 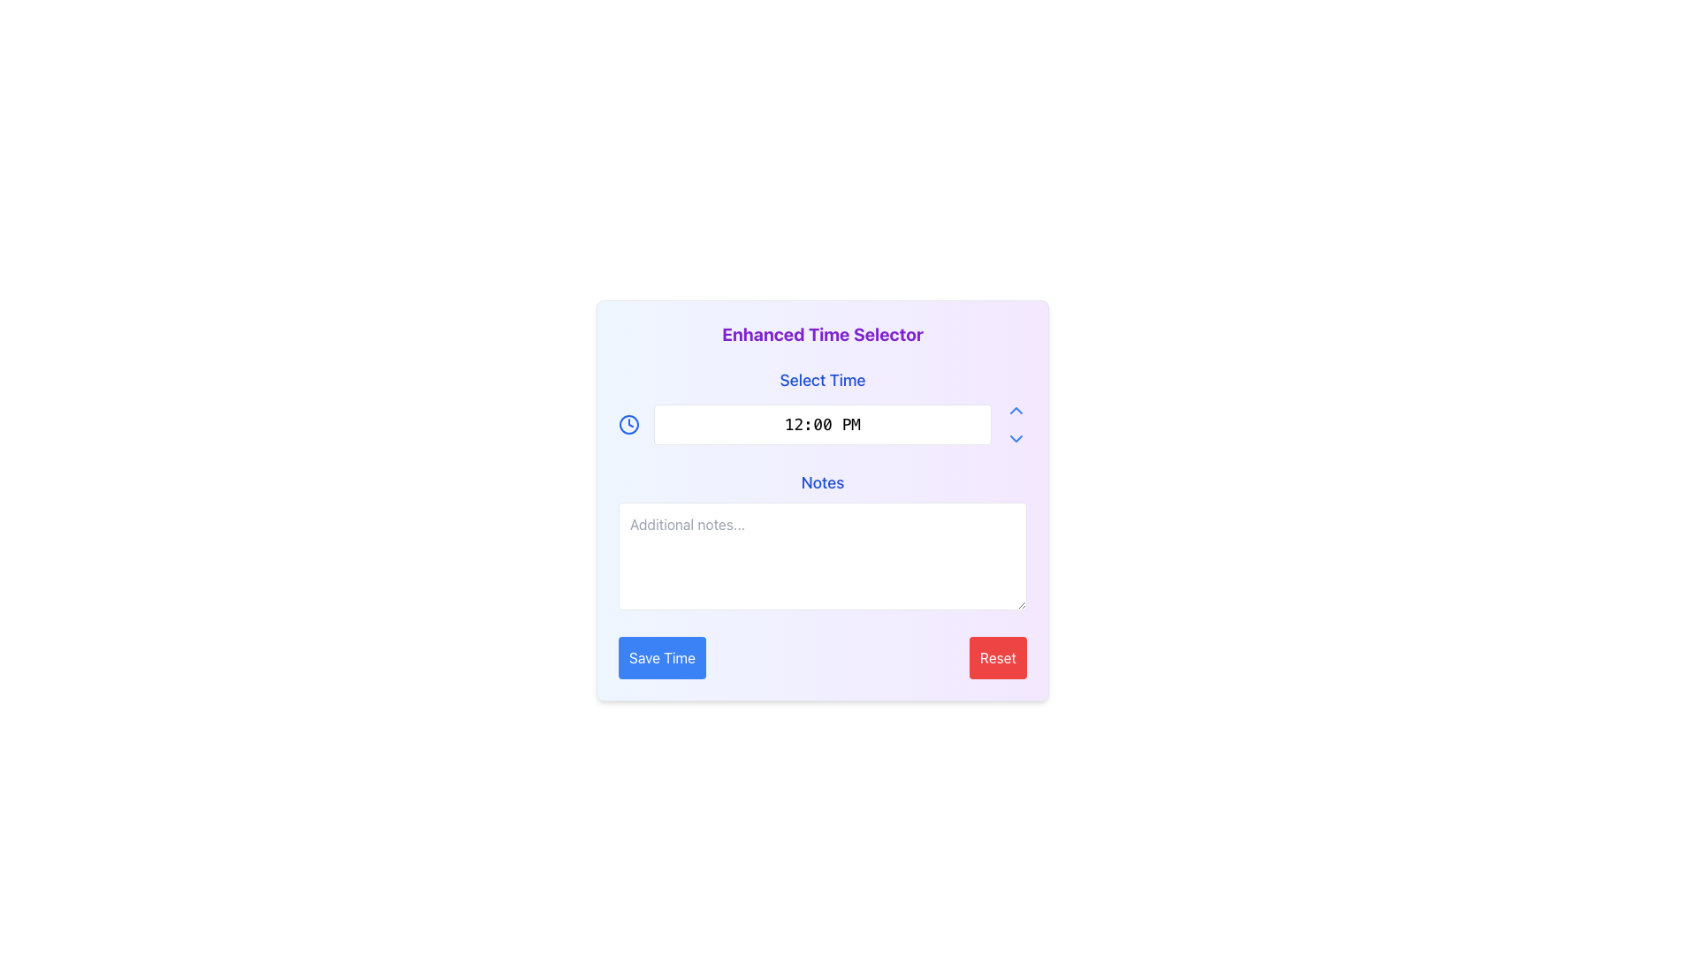 I want to click on the clock icon component located to the left of the 'Select Time' input field, so click(x=628, y=425).